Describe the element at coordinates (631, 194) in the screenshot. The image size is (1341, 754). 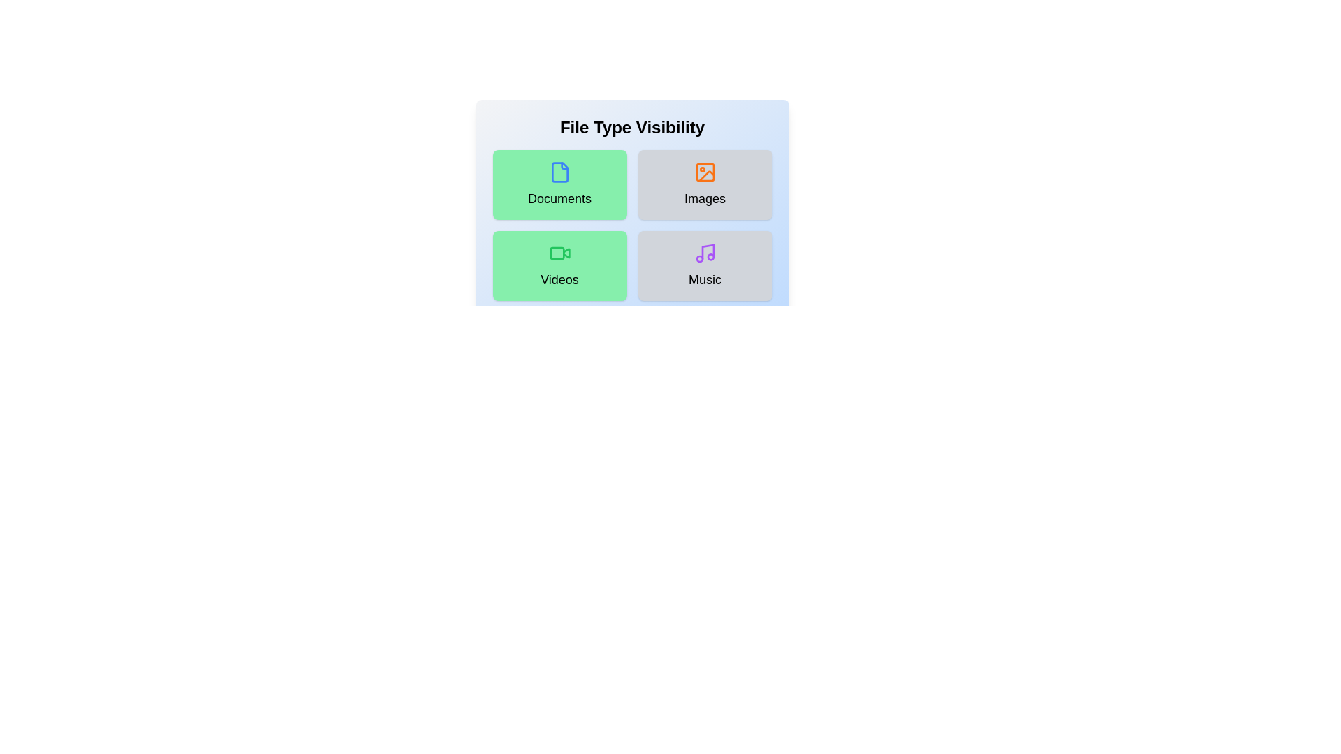
I see `the background area of the component` at that location.